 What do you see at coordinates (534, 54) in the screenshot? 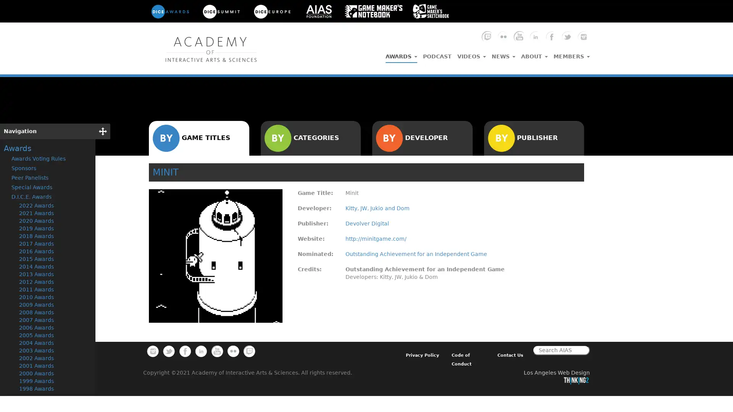
I see `ABOUT` at bounding box center [534, 54].